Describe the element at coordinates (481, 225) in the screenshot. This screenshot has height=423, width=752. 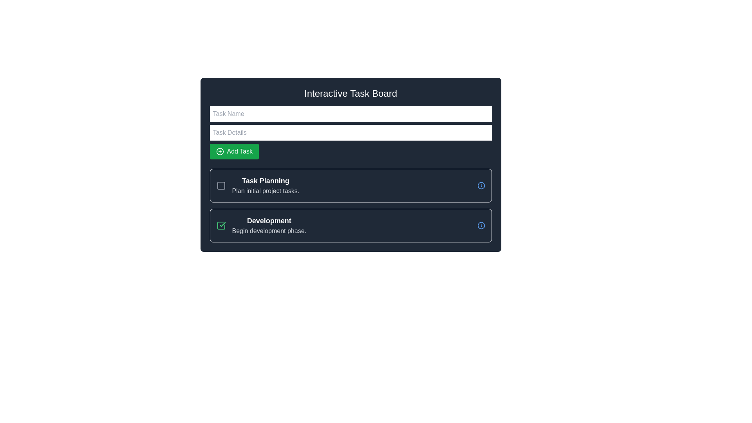
I see `the visual representation of the Circle icon located in the 'Development' task component, positioned to the far right of the task item and centrally aligned in height` at that location.